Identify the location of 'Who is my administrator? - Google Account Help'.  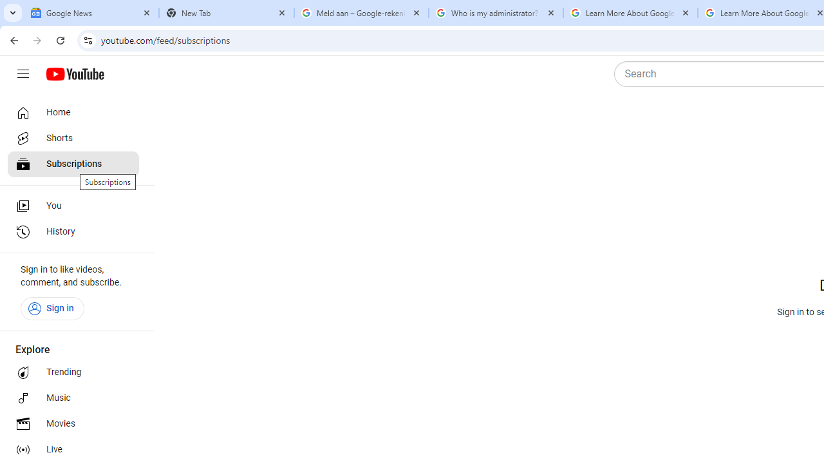
(495, 13).